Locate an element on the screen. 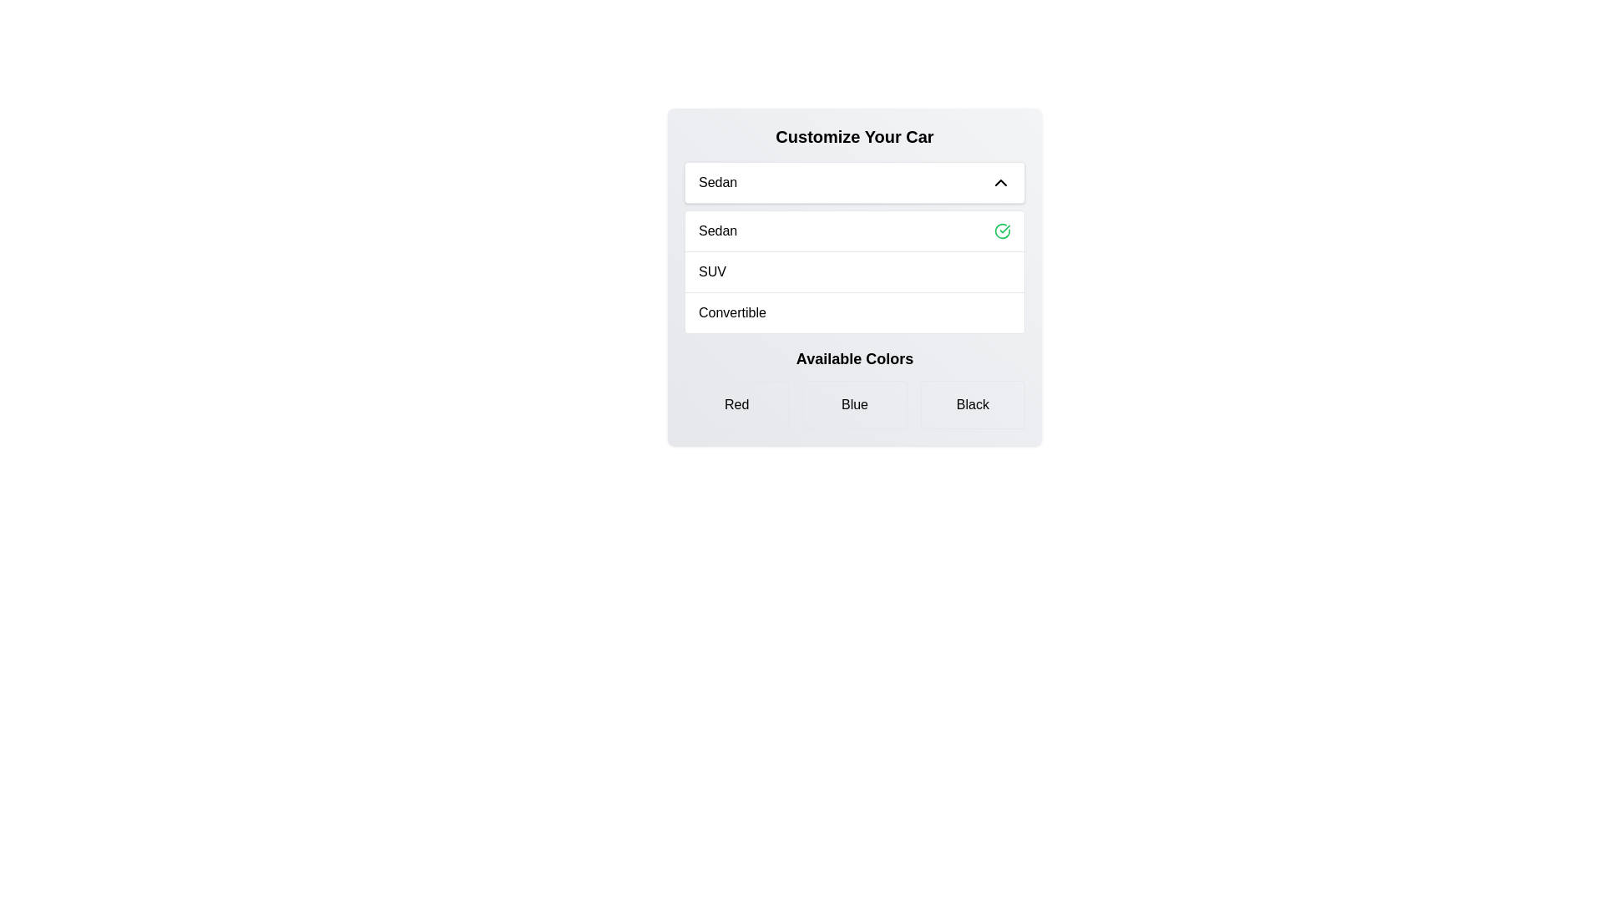  the Dropdown menu for selecting car type options, which is centrally located below the 'Sedan' dropdown in the 'Customize Your Car' section is located at coordinates (854, 271).